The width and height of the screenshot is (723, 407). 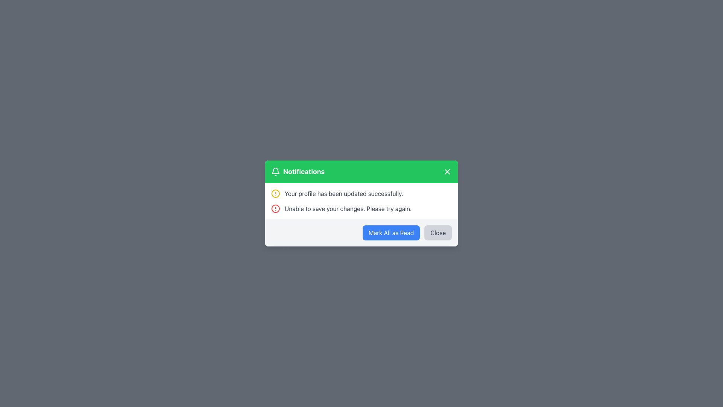 I want to click on the circular alert icon with a yellow border and an exclamation mark inside, which is located on the left side of the notification message indicating that the profile has been updated successfully, so click(x=275, y=193).